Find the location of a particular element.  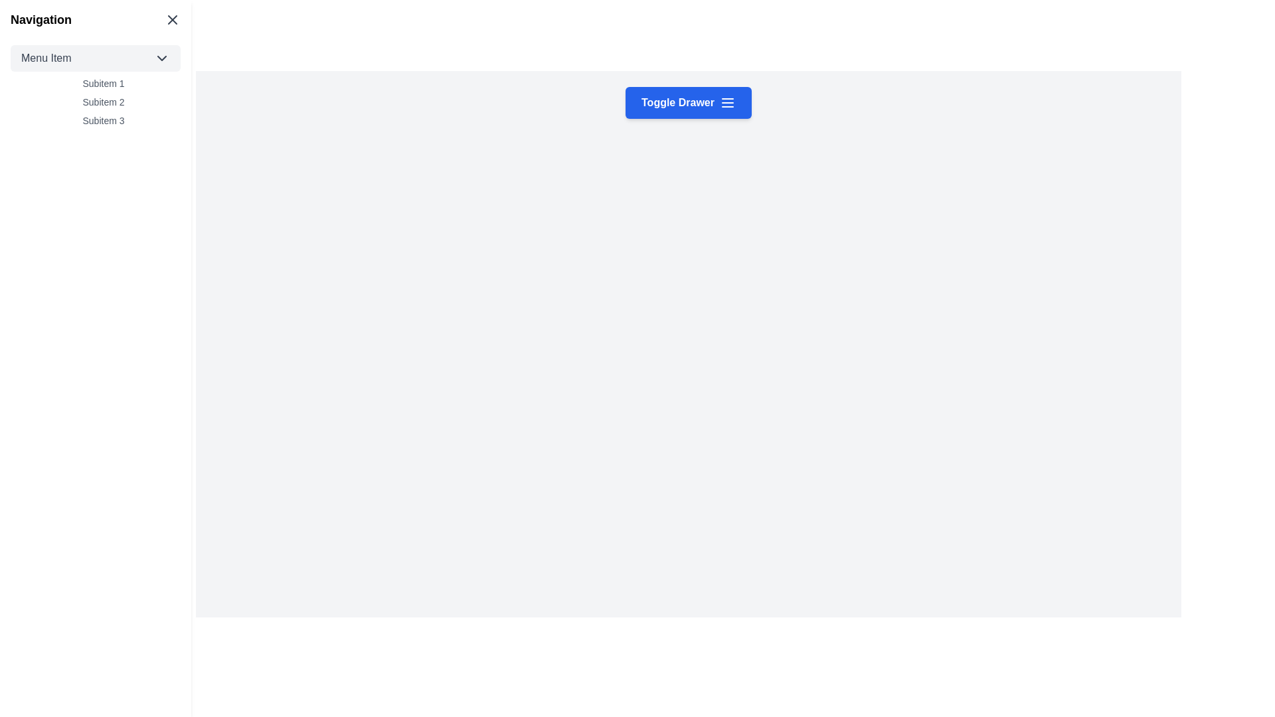

the static text label displaying 'Subitem 3', which is styled in a smaller text size and muted gray color, located towards the center-left of the interface inside a vertical navigation menu is located at coordinates (103, 120).